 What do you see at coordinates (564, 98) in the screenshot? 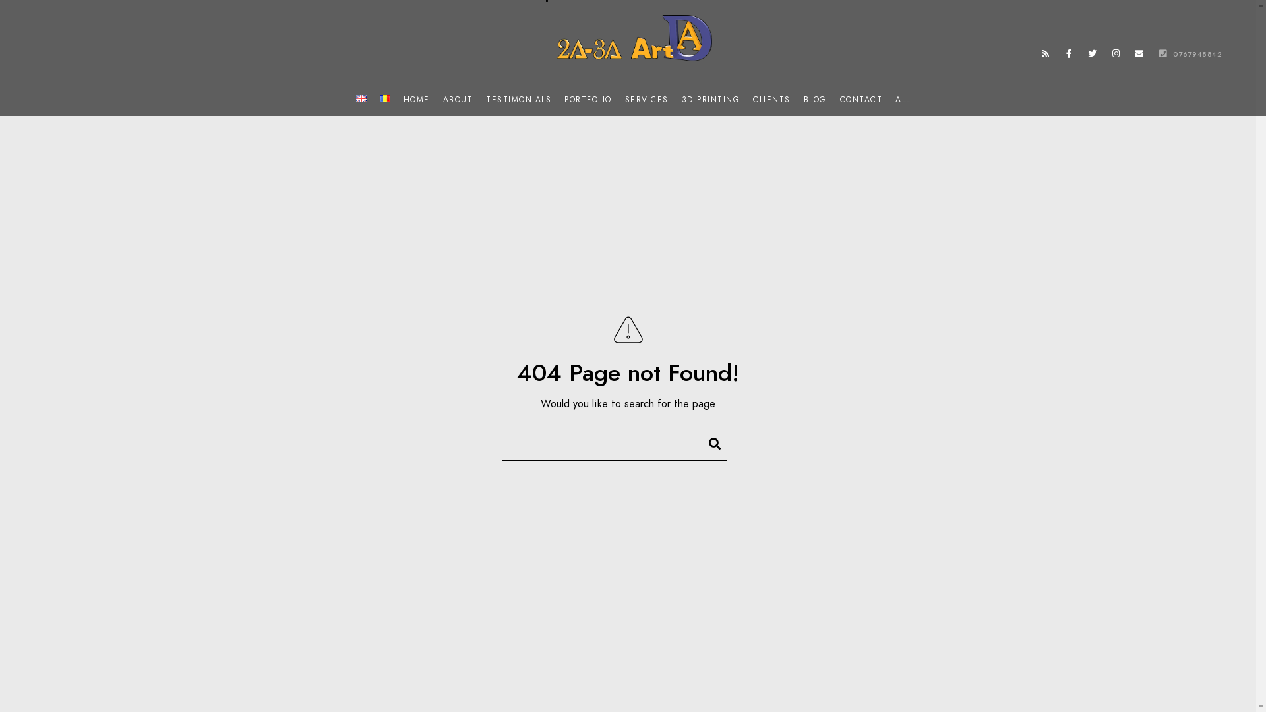
I see `'PORTFOLIO'` at bounding box center [564, 98].